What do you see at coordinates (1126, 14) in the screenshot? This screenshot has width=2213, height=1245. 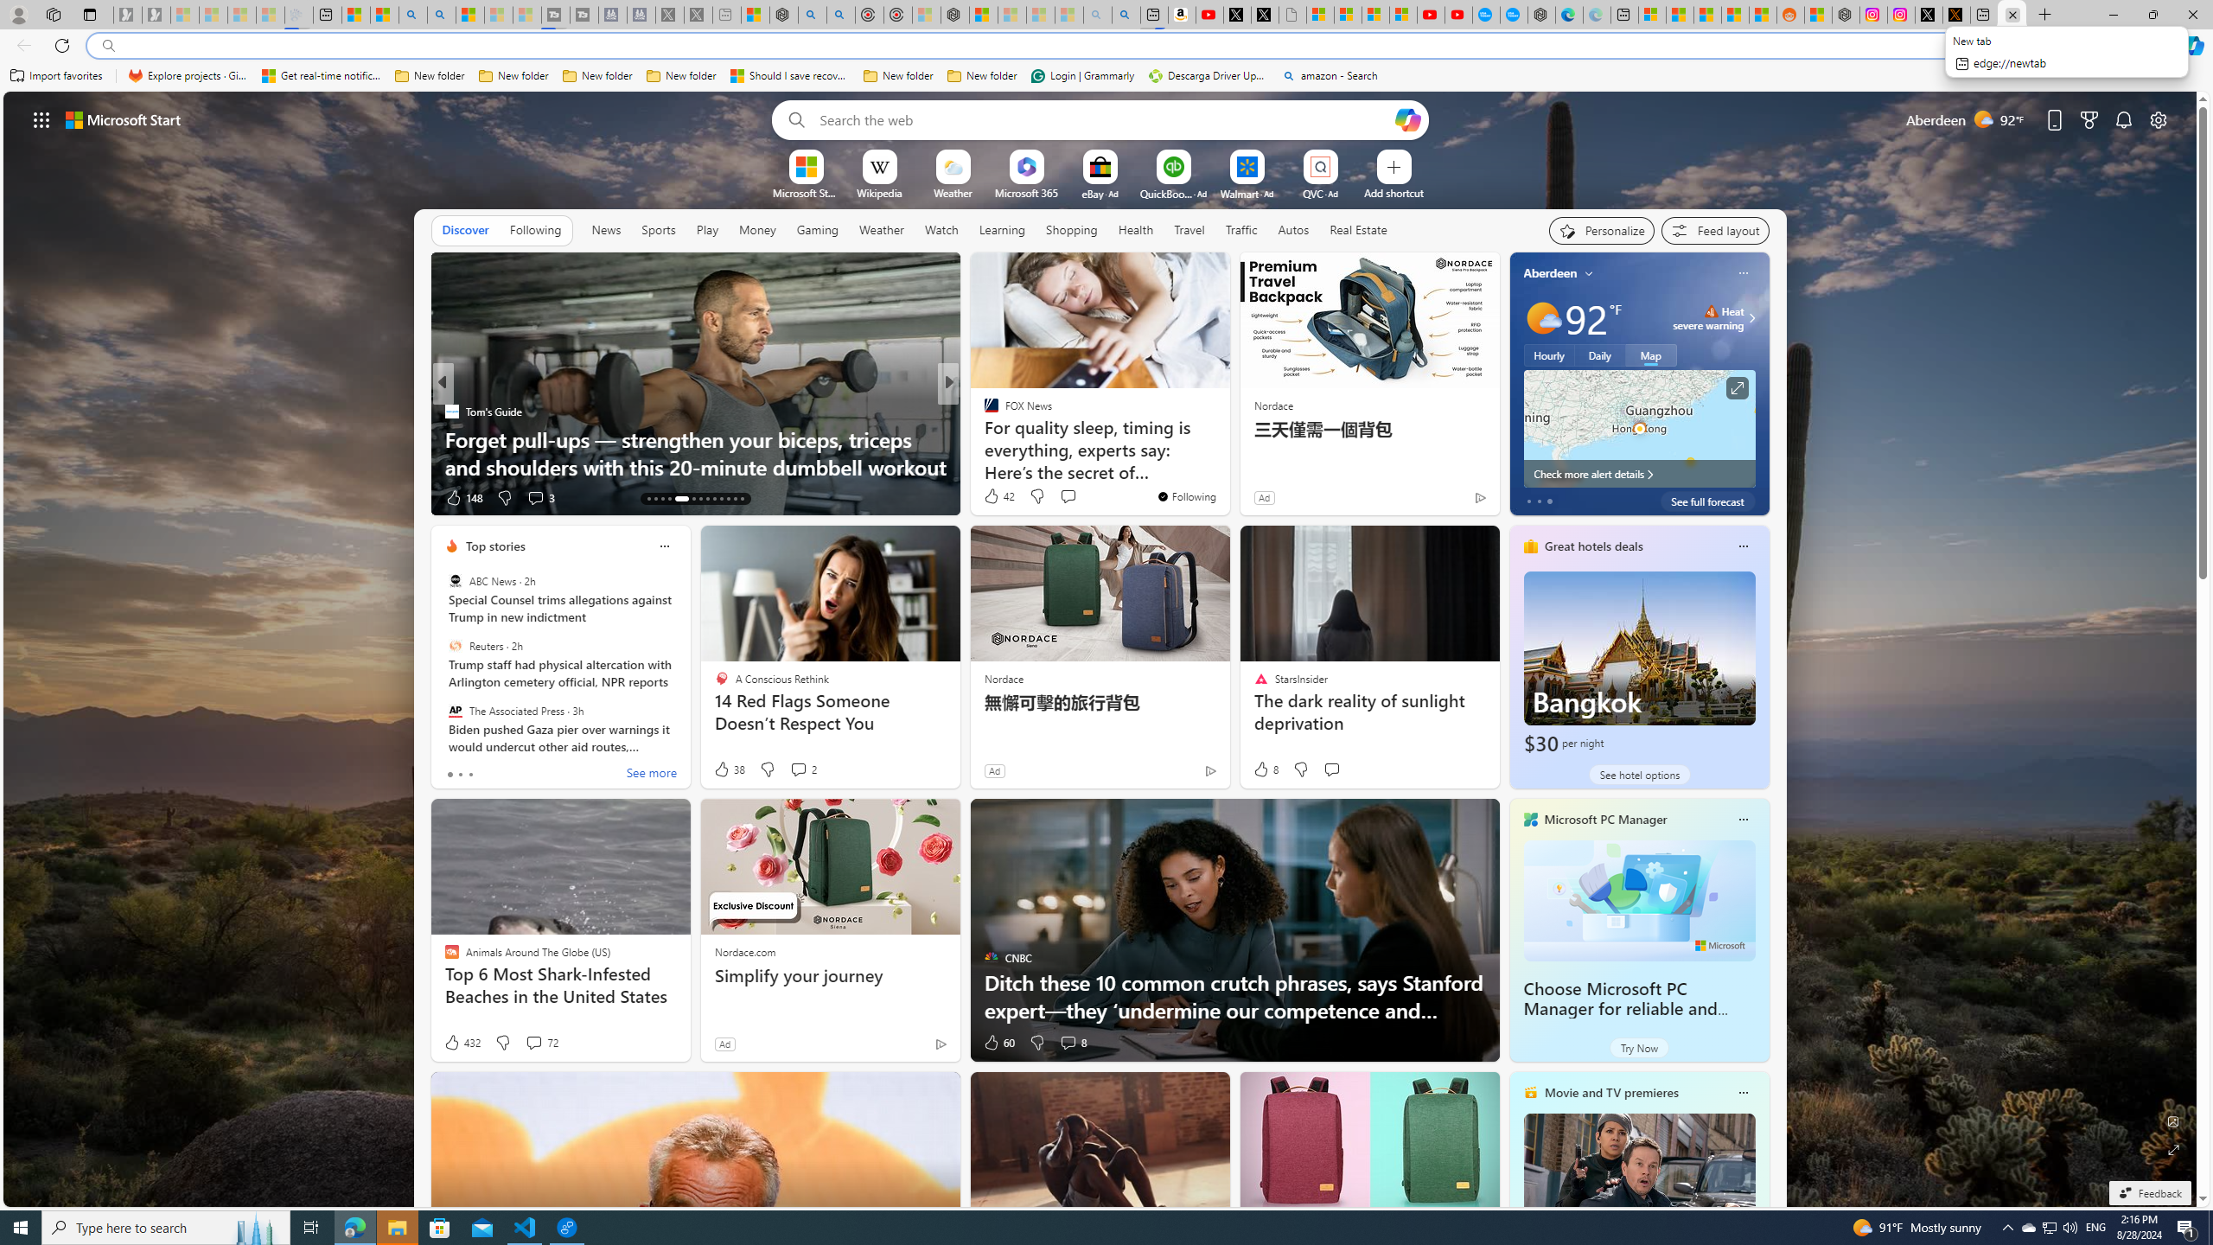 I see `'Amazon Echo Dot PNG - Search Images'` at bounding box center [1126, 14].